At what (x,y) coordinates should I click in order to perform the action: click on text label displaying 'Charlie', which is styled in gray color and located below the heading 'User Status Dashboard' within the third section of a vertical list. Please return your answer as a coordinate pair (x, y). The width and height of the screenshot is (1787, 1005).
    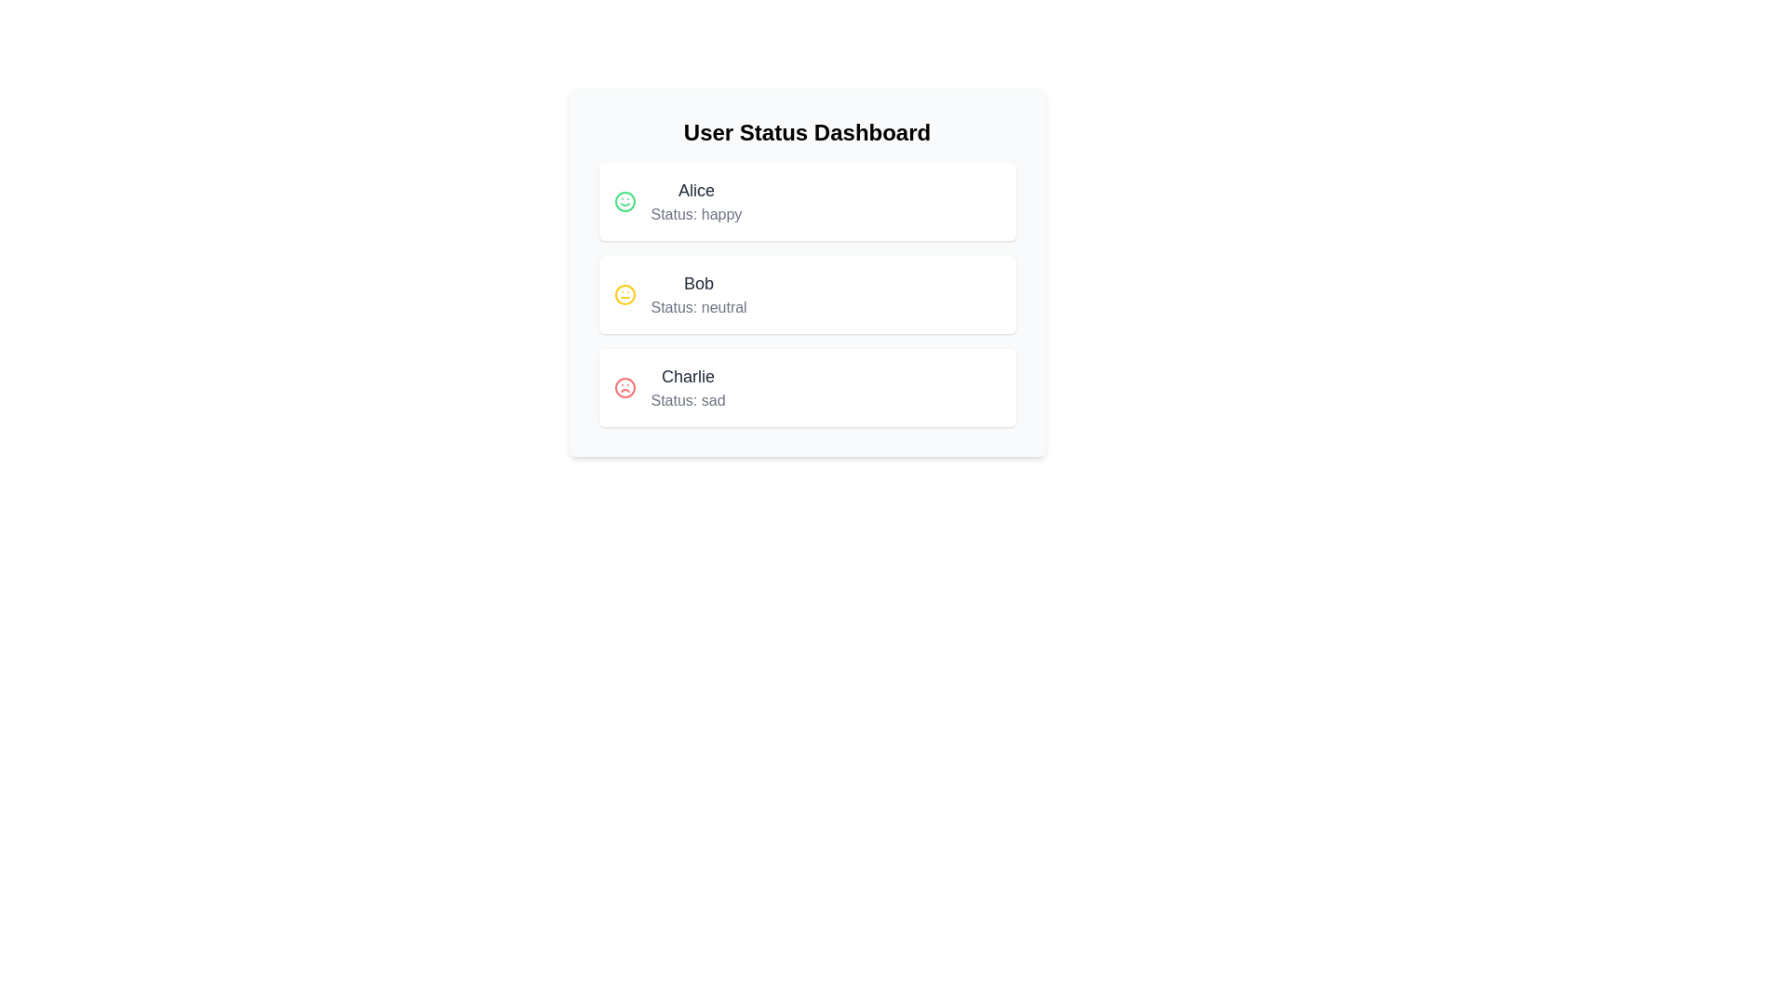
    Looking at the image, I should click on (687, 377).